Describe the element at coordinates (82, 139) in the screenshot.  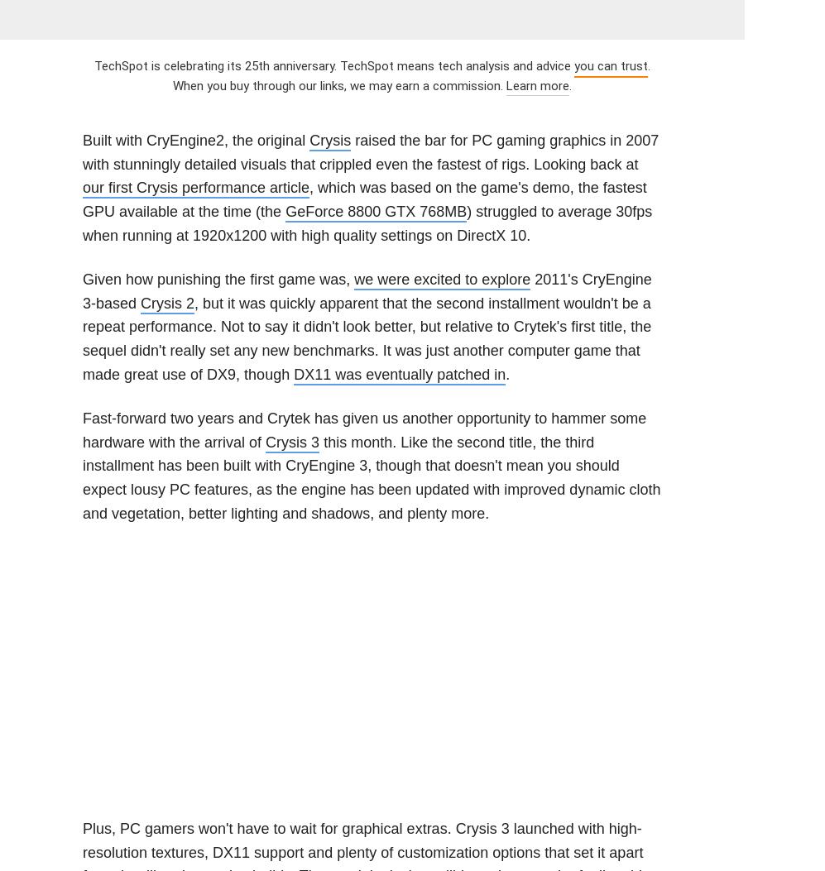
I see `'Built with CryEngine2, the original'` at that location.